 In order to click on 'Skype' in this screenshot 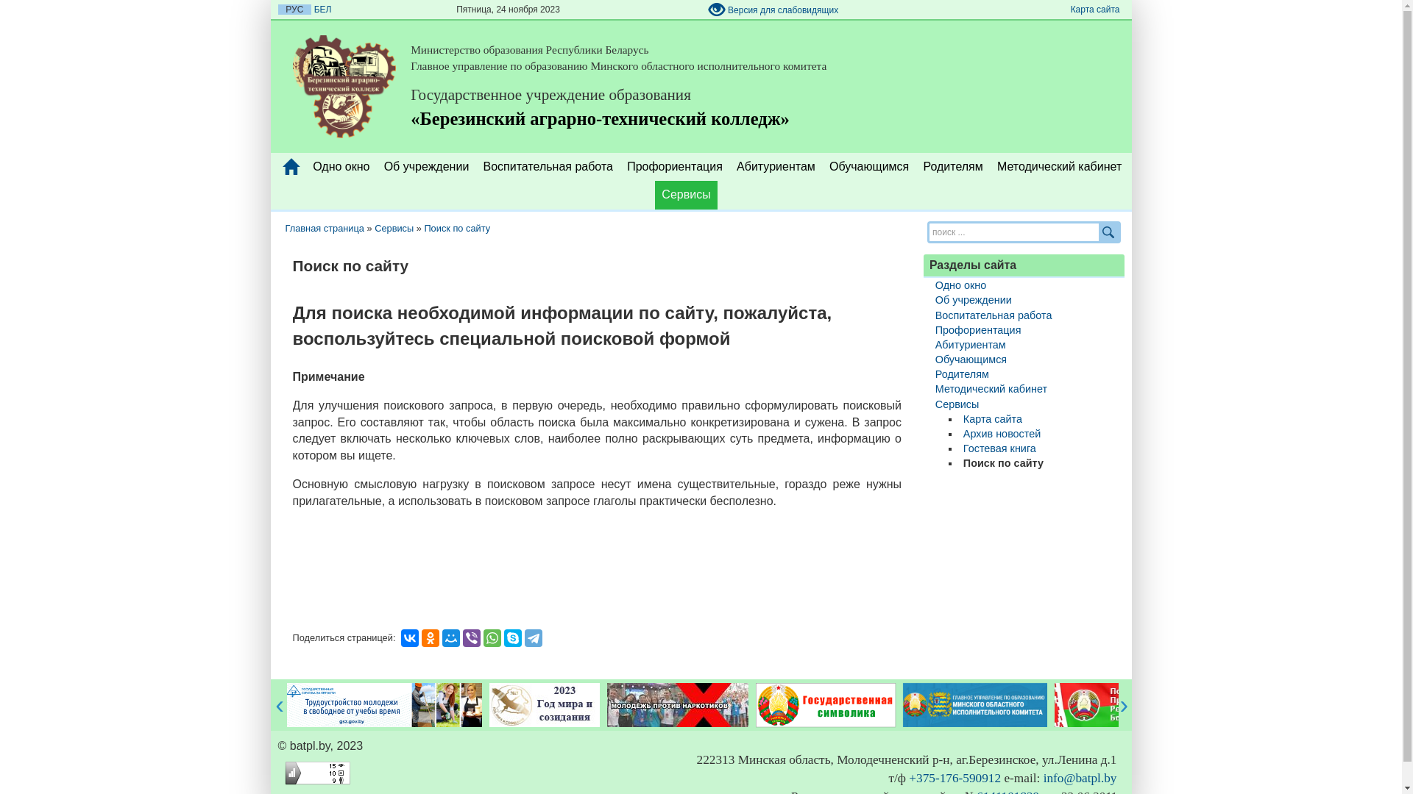, I will do `click(512, 637)`.